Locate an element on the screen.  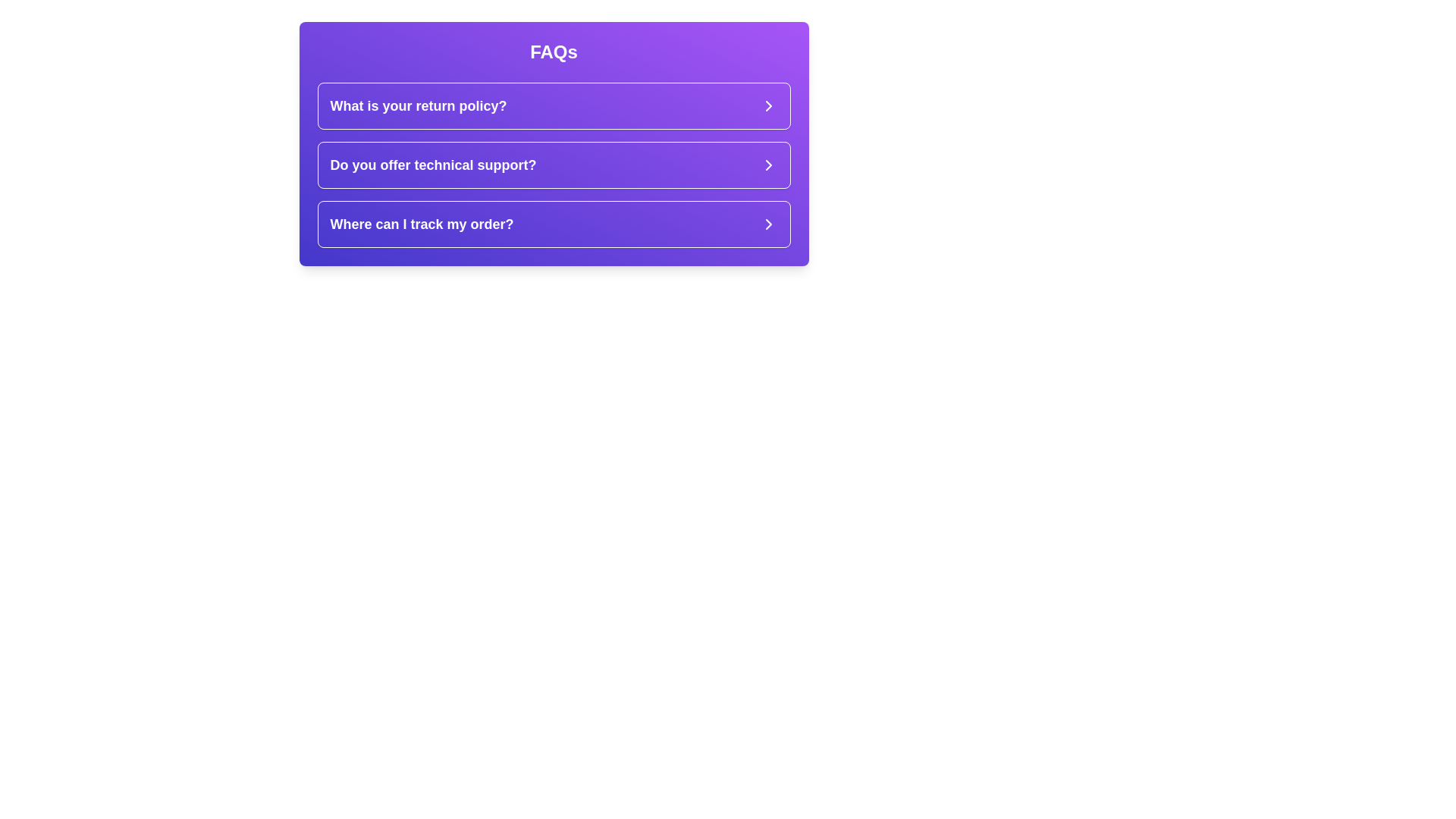
the second FAQ item located below 'What is your return policy?' and above 'Where can I track my order?' is located at coordinates (553, 165).